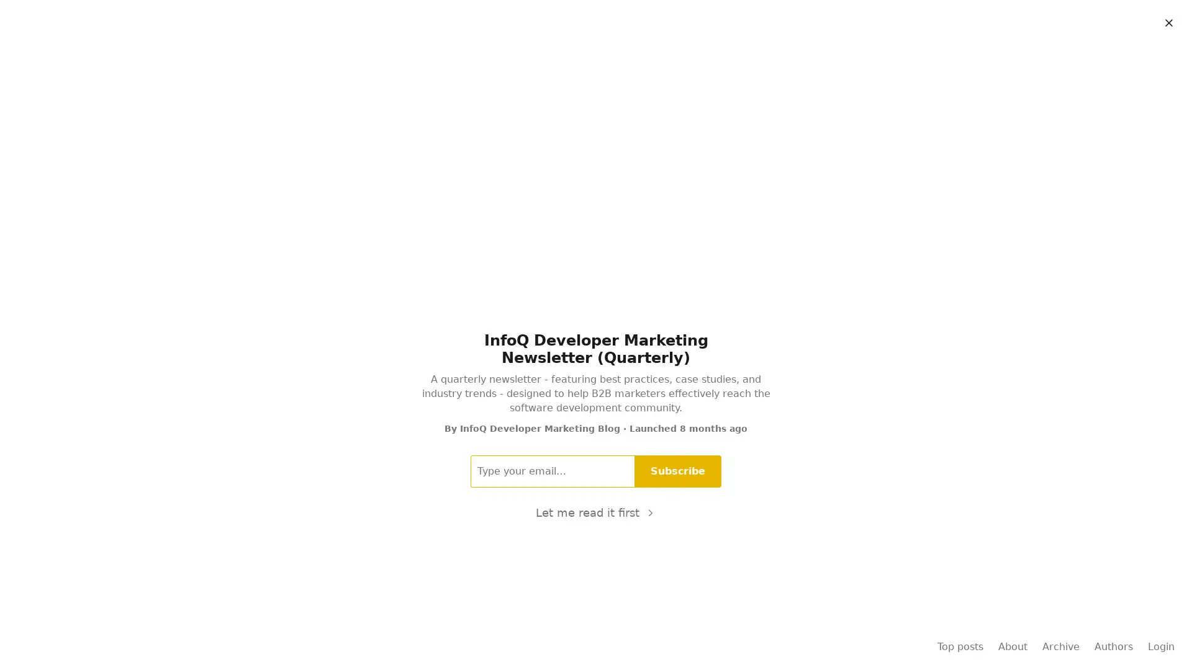 The image size is (1192, 670). What do you see at coordinates (1168, 23) in the screenshot?
I see `Close` at bounding box center [1168, 23].